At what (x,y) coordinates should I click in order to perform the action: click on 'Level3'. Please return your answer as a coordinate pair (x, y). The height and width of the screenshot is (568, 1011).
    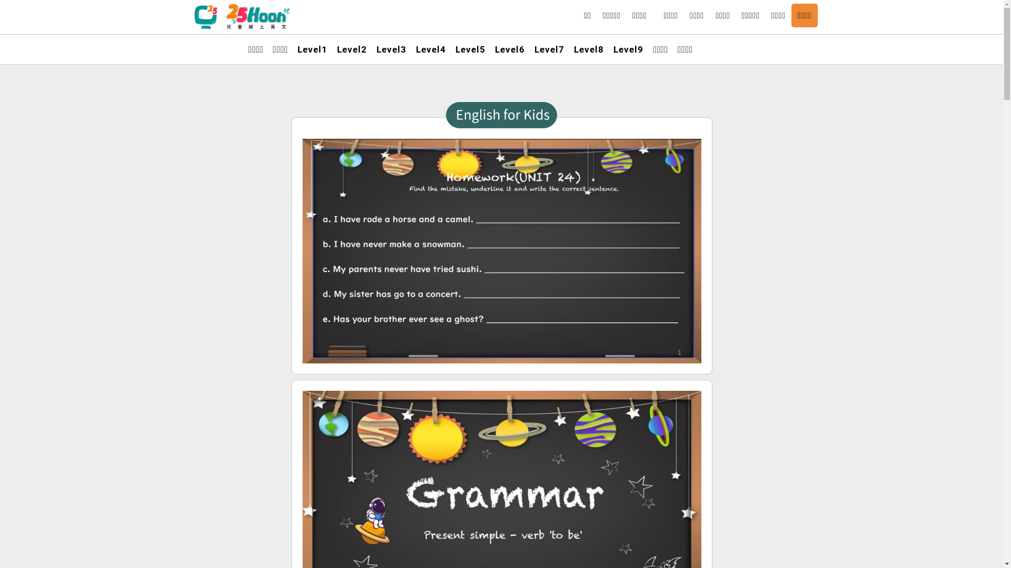
    Looking at the image, I should click on (391, 49).